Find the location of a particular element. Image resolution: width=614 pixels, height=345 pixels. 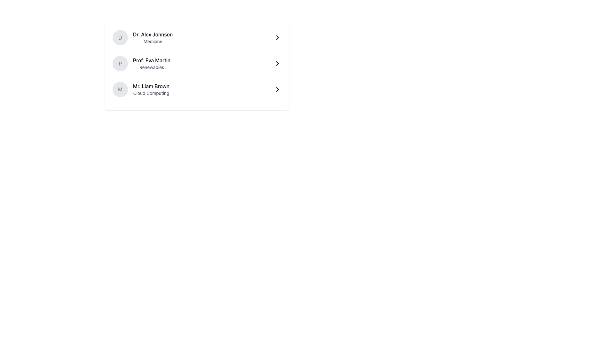

the interactive list item for 'Prof. Eva Martin' is located at coordinates (196, 64).